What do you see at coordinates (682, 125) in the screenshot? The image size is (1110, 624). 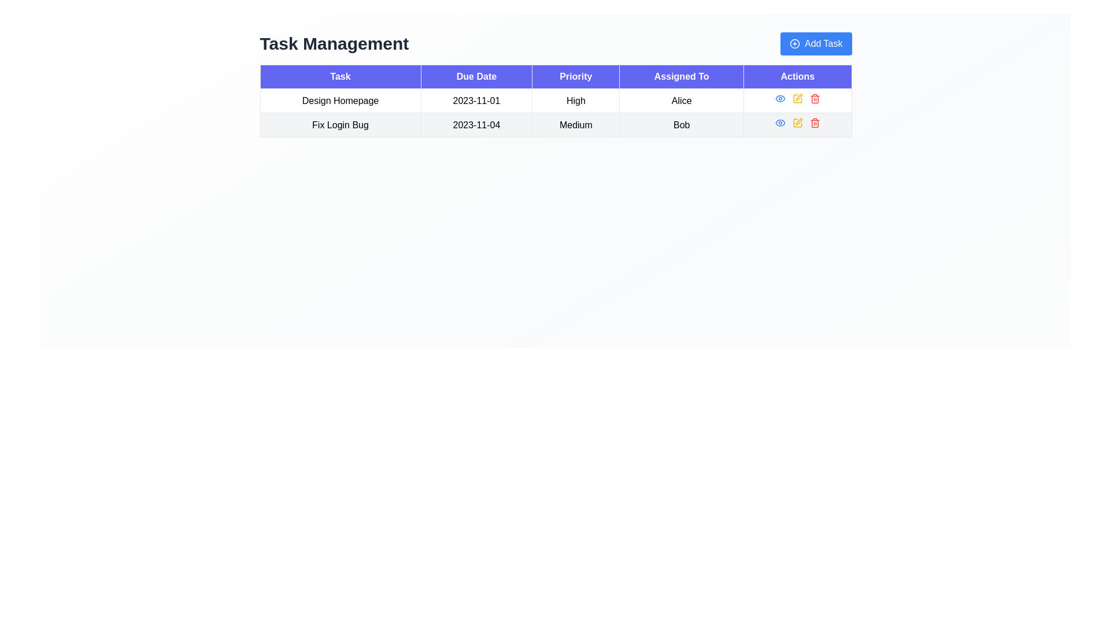 I see `the read-only text field displaying the assignee of the task in the fourth column of the second row in the table` at bounding box center [682, 125].